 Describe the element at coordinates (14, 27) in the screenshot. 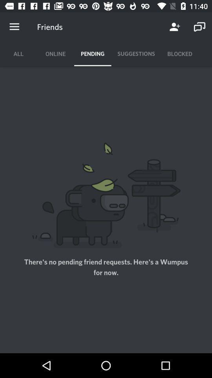

I see `the item to the left of the friends icon` at that location.